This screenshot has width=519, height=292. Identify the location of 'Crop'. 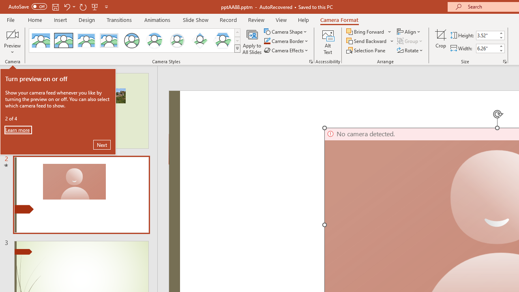
(440, 42).